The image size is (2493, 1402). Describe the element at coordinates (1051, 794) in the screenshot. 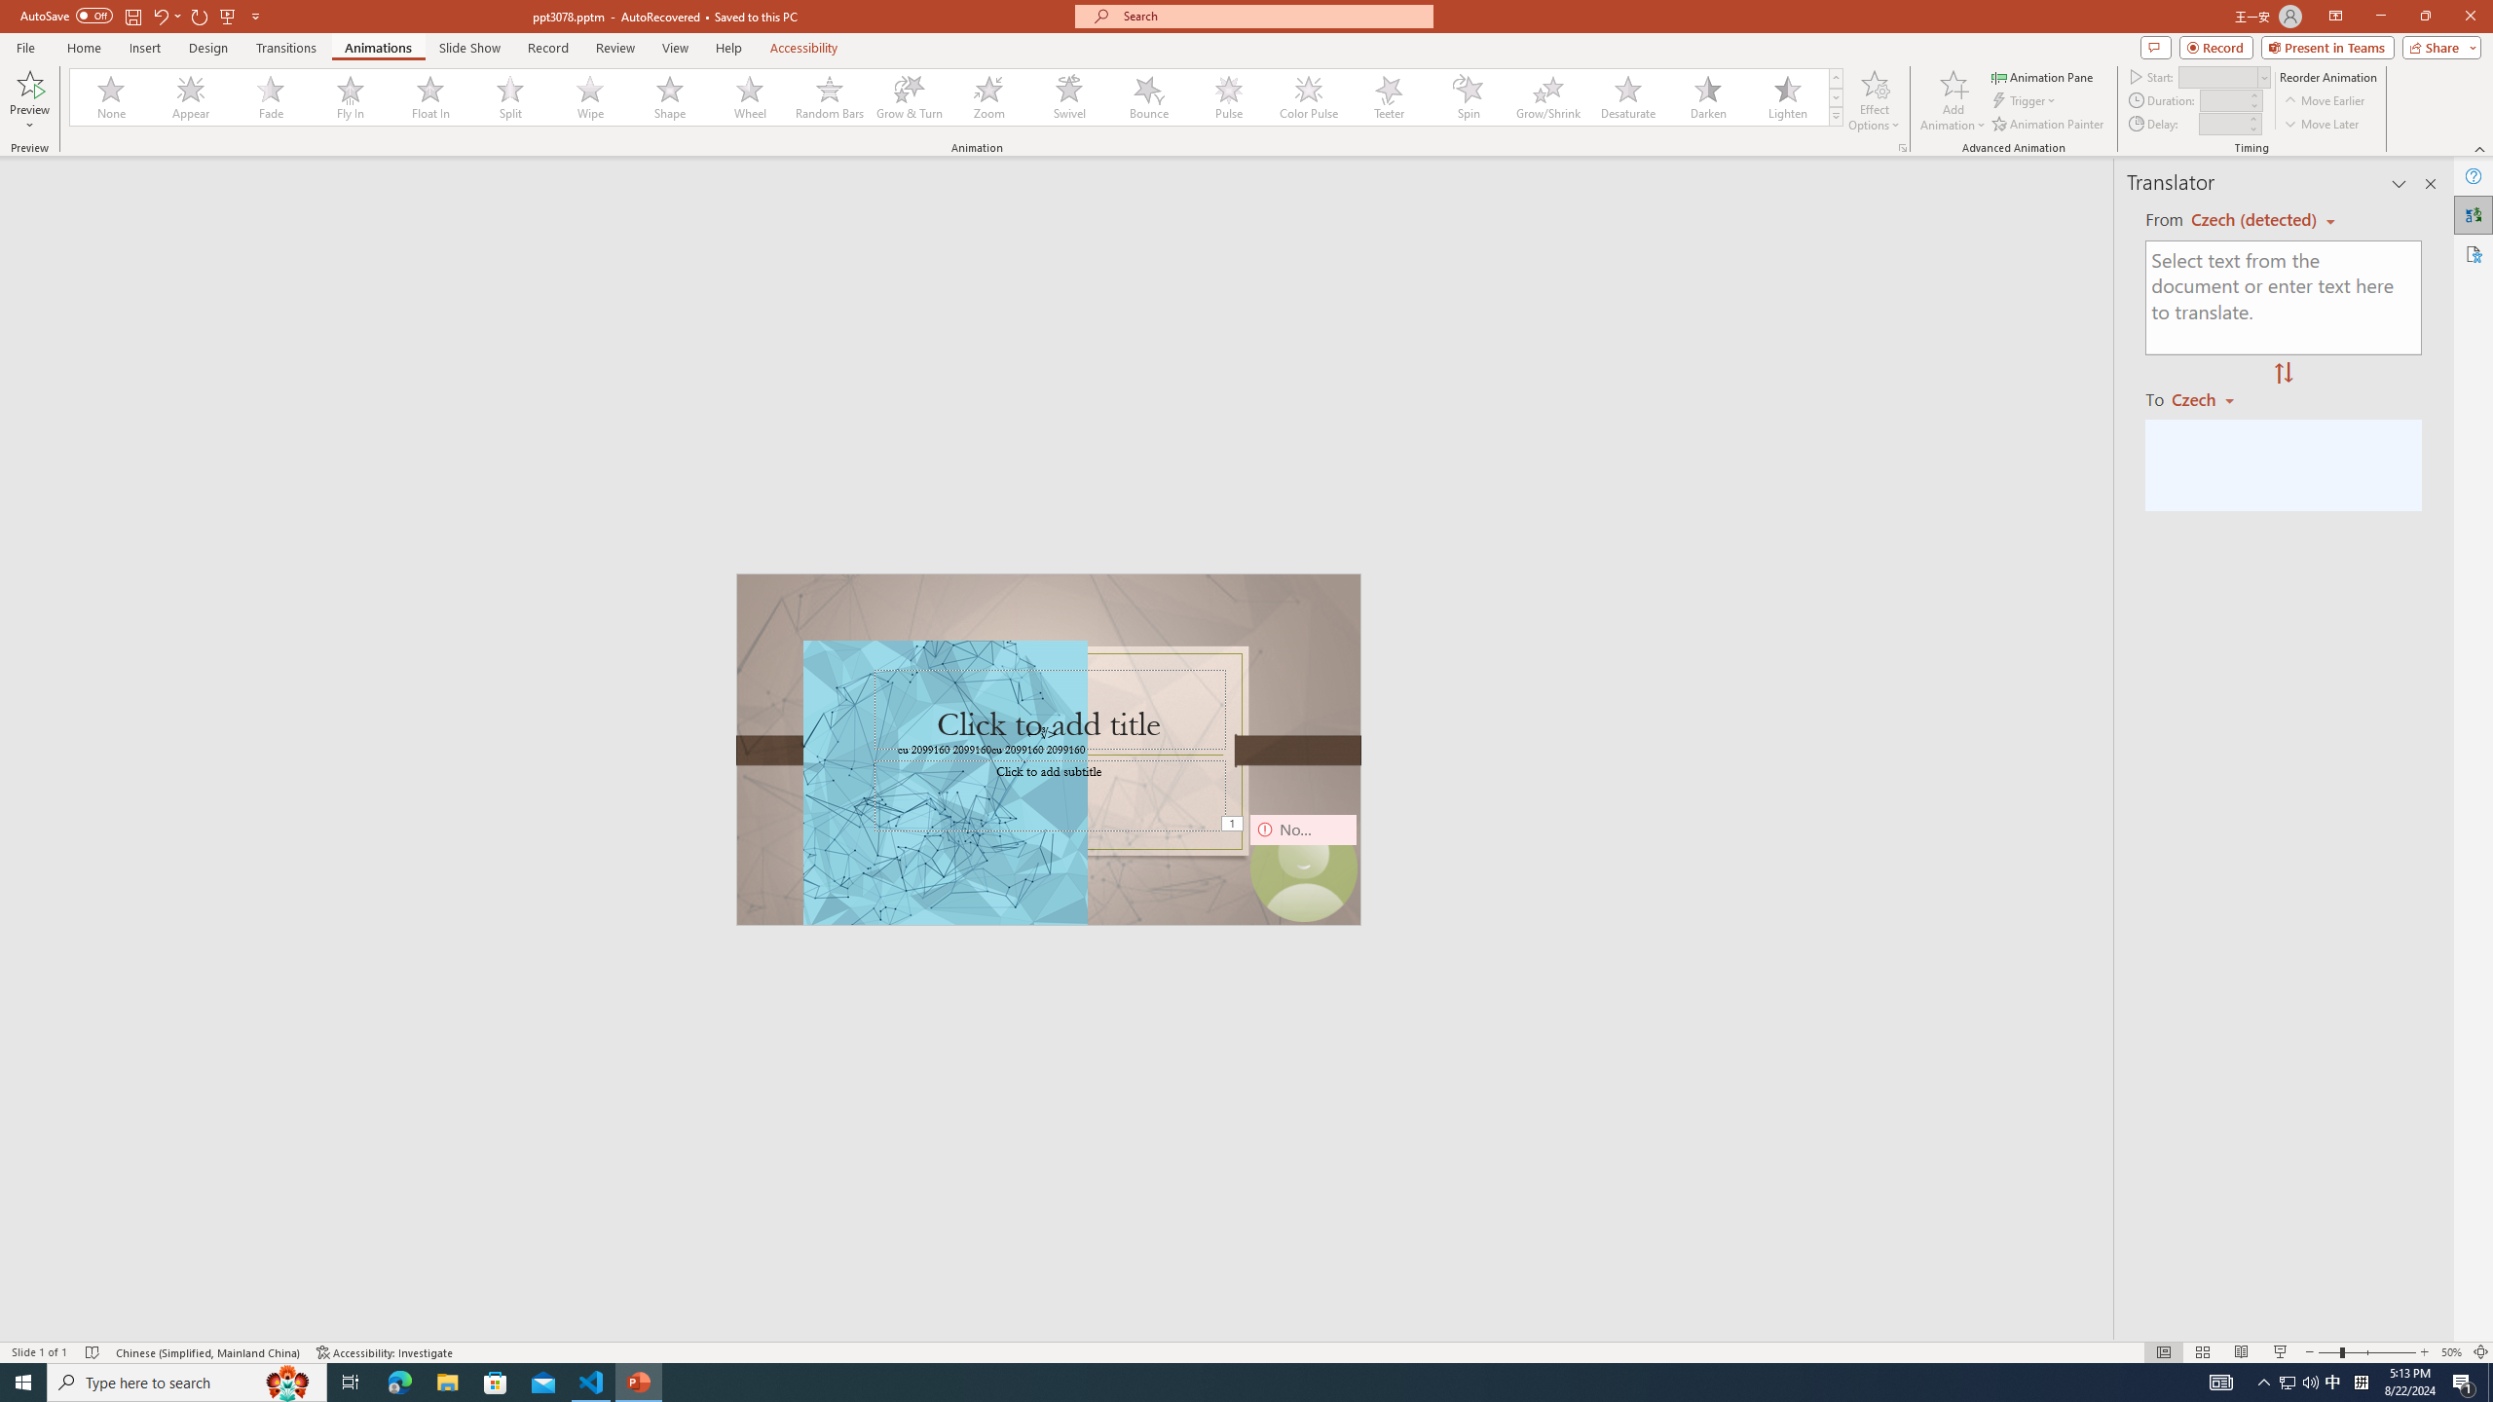

I see `'Subtitle TextBox'` at that location.